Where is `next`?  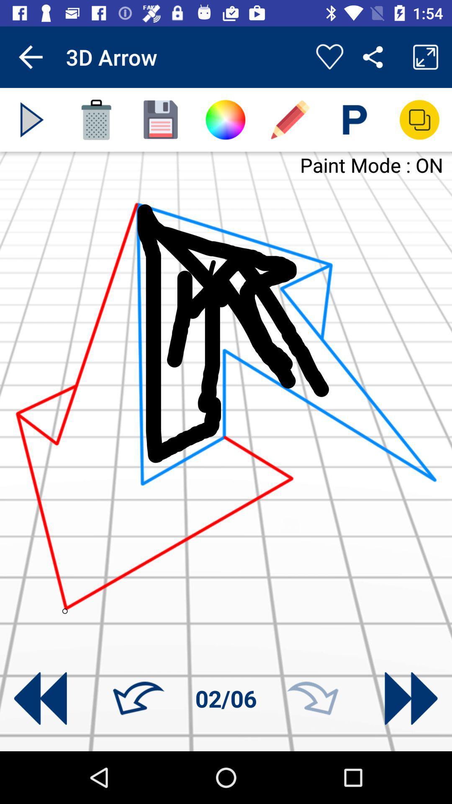 next is located at coordinates (313, 698).